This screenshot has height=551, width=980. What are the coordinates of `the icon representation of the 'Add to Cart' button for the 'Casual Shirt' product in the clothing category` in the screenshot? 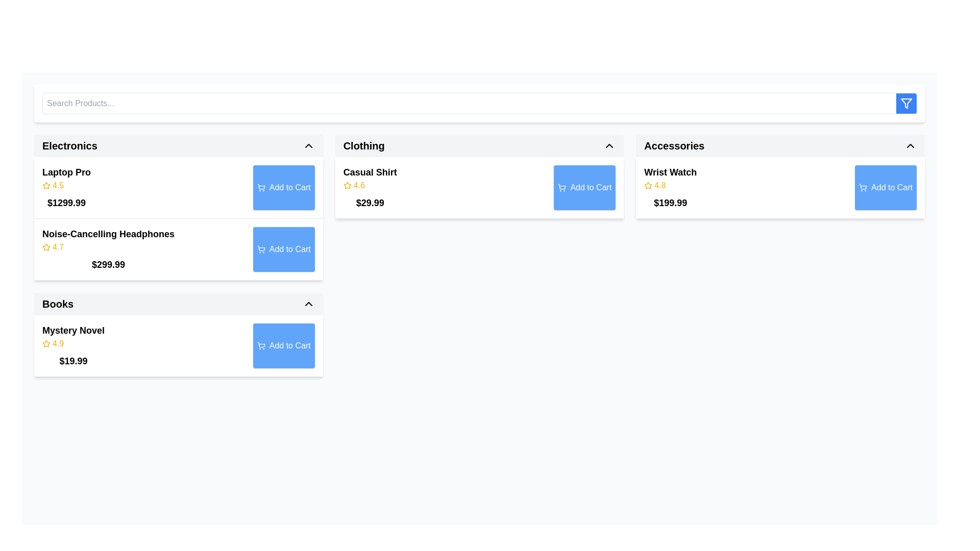 It's located at (561, 187).